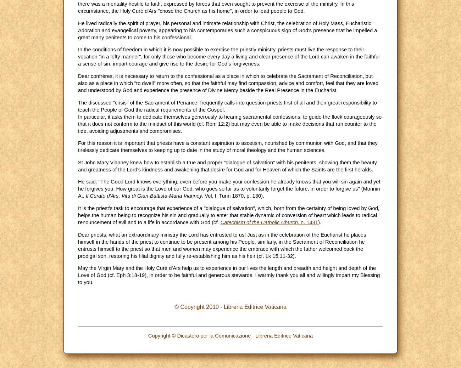 The image size is (461, 368). What do you see at coordinates (229, 189) in the screenshot?
I see `'He said: "The Good Lord knows everything; even before you make your confession he already knows that you will sin again and yet he forgives you. How great is the Love of our God, who goes so far as to voluntarily forget the future, in order to forgive us" (Monnin A.,'` at bounding box center [229, 189].